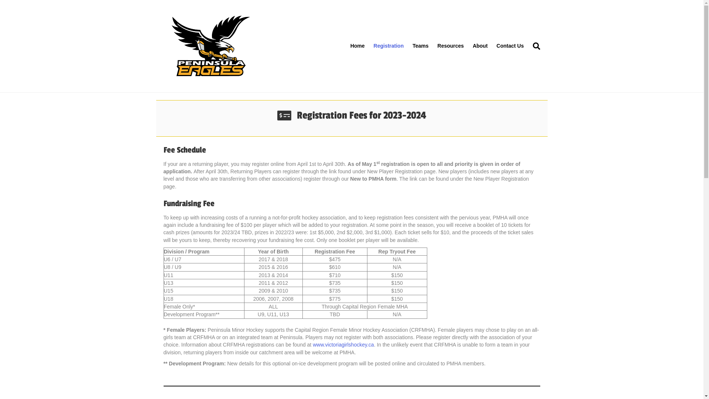 The height and width of the screenshot is (399, 709). What do you see at coordinates (467, 46) in the screenshot?
I see `'About'` at bounding box center [467, 46].